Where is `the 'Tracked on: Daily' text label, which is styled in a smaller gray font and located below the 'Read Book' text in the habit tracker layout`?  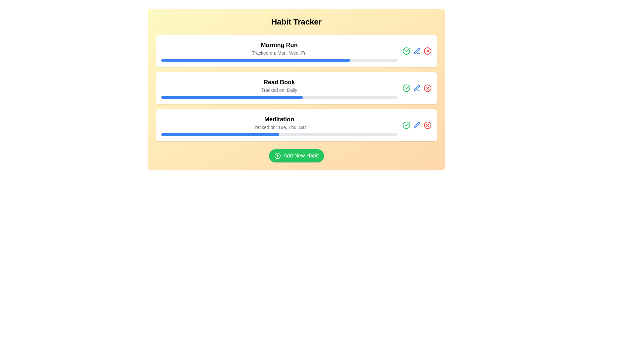 the 'Tracked on: Daily' text label, which is styled in a smaller gray font and located below the 'Read Book' text in the habit tracker layout is located at coordinates (279, 90).